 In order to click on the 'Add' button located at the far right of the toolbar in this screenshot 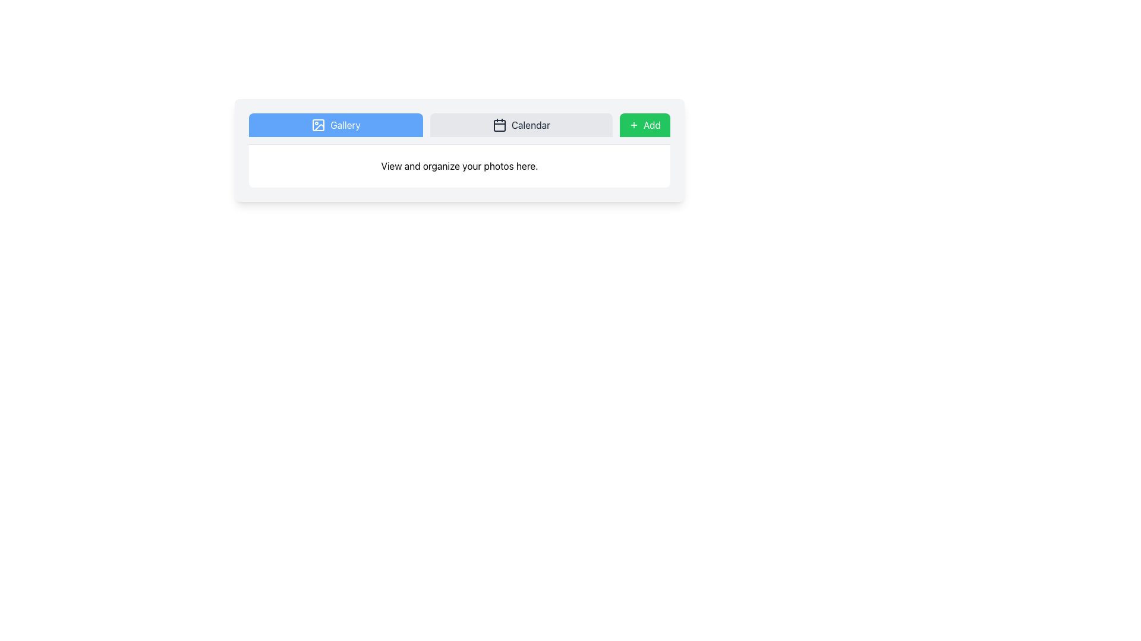, I will do `click(644, 125)`.